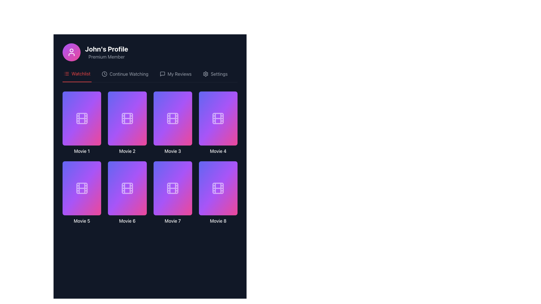 This screenshot has height=304, width=541. Describe the element at coordinates (218, 185) in the screenshot. I see `the play button icon located in the bottom-right section of the eighth movie card in the second row and fourth column of the grid to receive feedback` at that location.